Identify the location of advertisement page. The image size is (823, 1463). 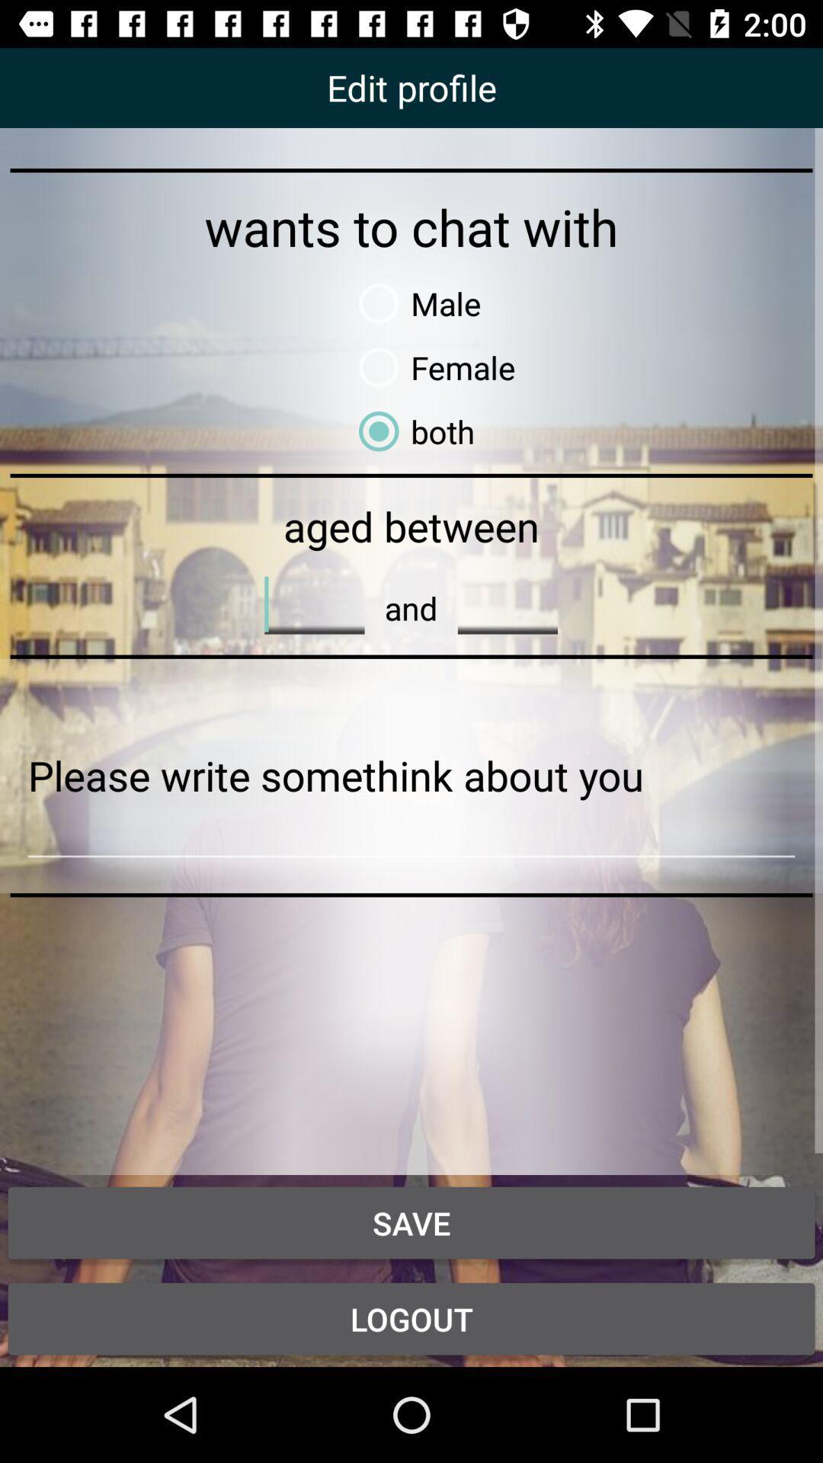
(411, 776).